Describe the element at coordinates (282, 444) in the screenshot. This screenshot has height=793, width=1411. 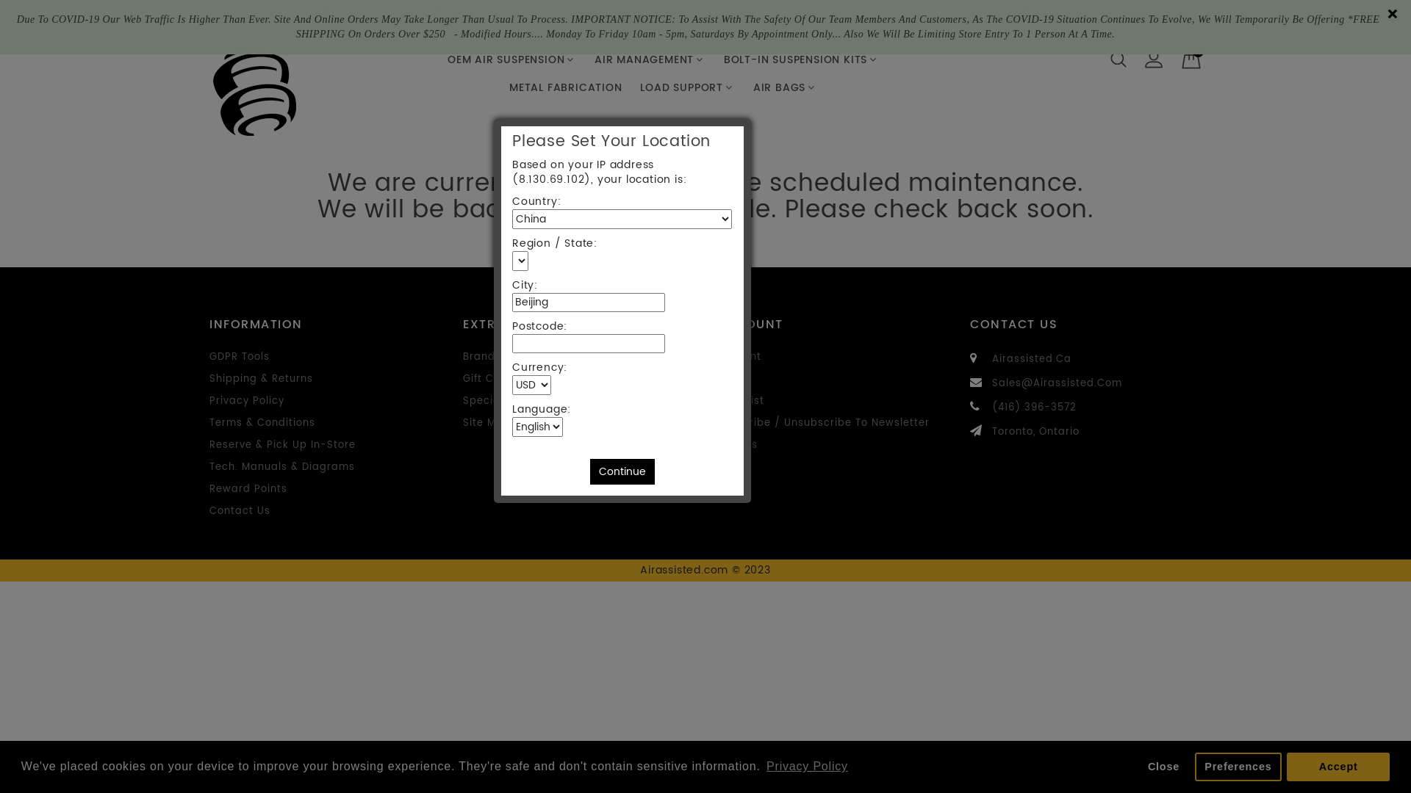
I see `'Reserve & Pick Up In-Store'` at that location.